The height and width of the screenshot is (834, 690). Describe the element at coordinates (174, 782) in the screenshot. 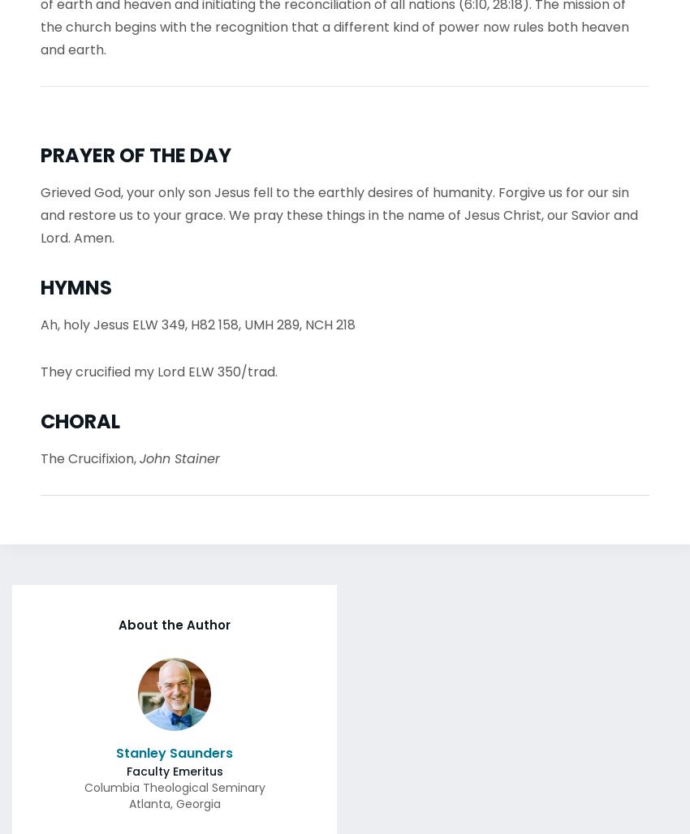

I see `'Columbia Theological Seminary'` at that location.